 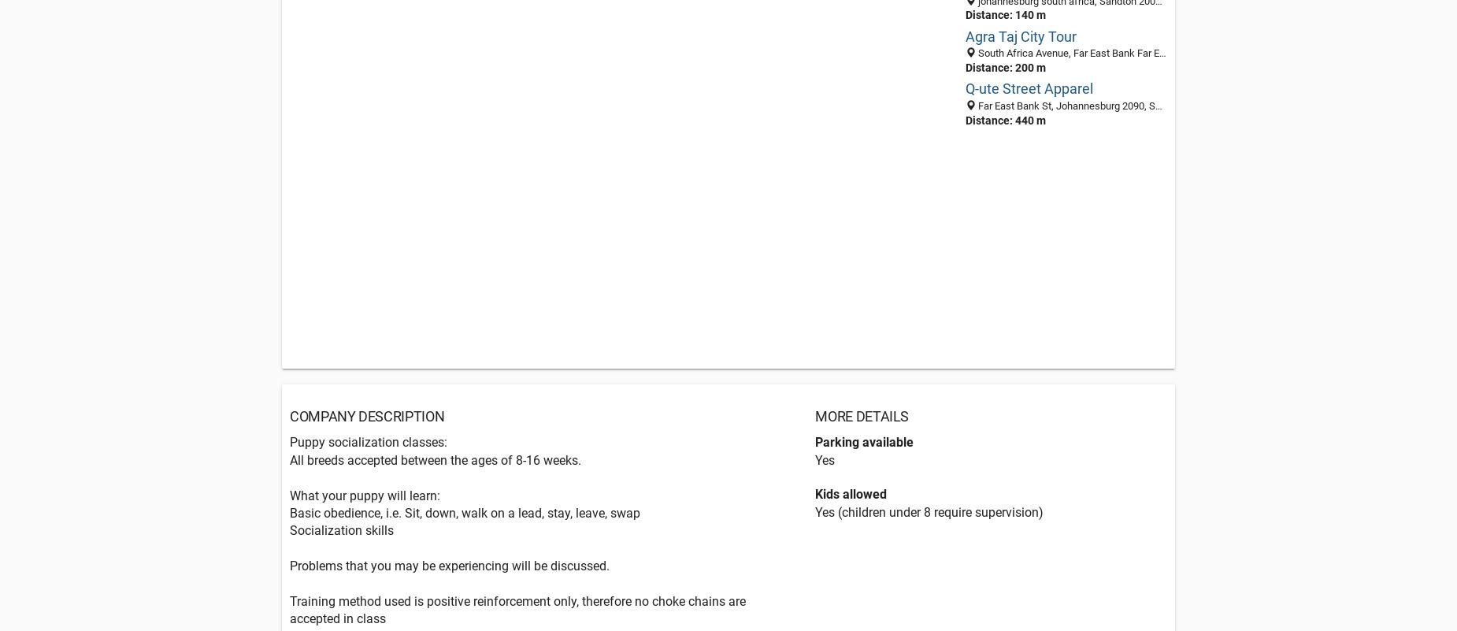 What do you see at coordinates (1019, 35) in the screenshot?
I see `'Agra Taj City Tour'` at bounding box center [1019, 35].